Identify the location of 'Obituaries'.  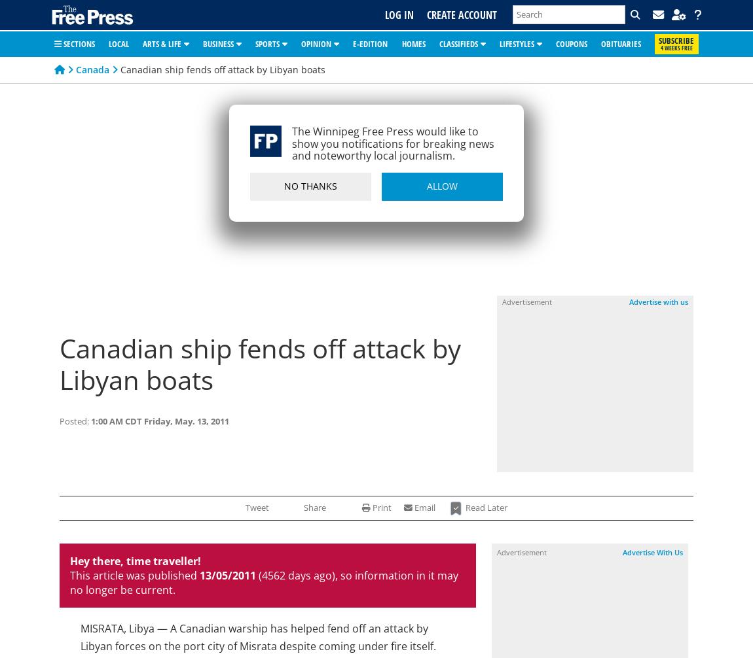
(620, 43).